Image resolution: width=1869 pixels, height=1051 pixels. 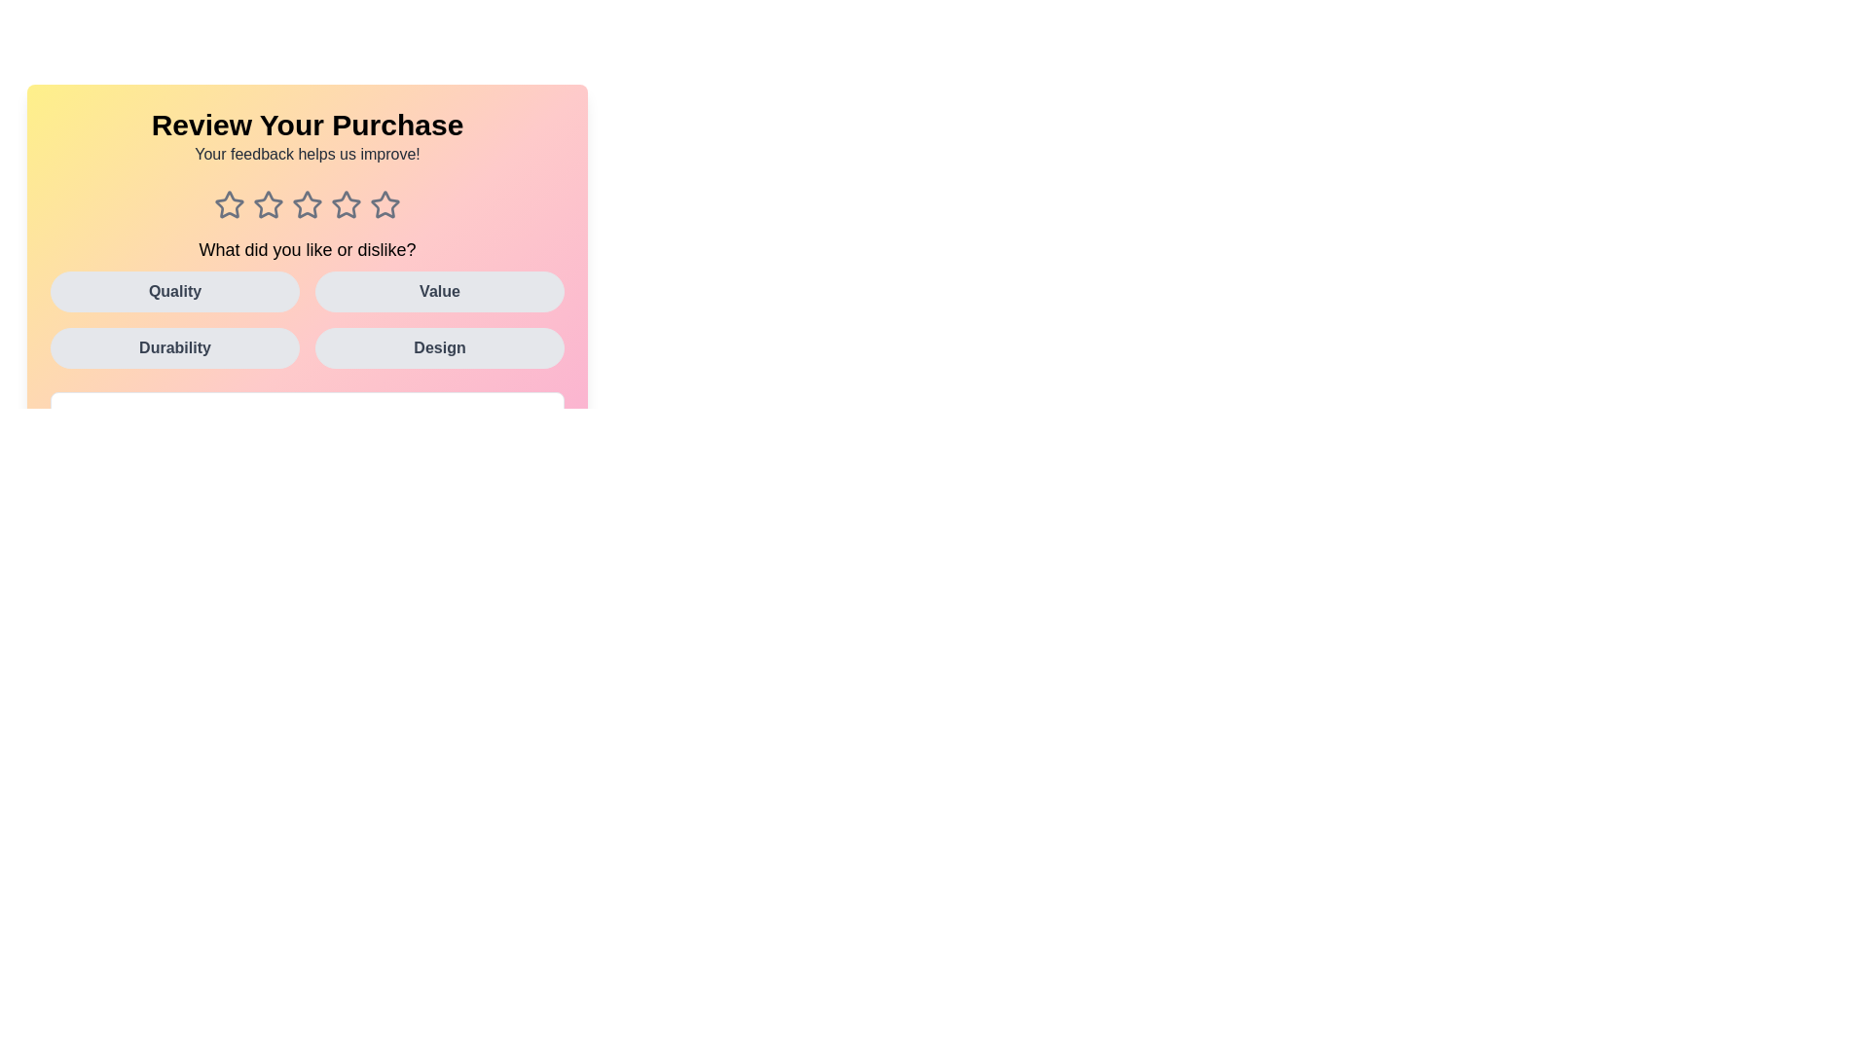 What do you see at coordinates (175, 347) in the screenshot?
I see `the 'Durability' button located in the bottom-left part of the 2x2 grid layout, which is the third button directly below the 'Quality' button` at bounding box center [175, 347].